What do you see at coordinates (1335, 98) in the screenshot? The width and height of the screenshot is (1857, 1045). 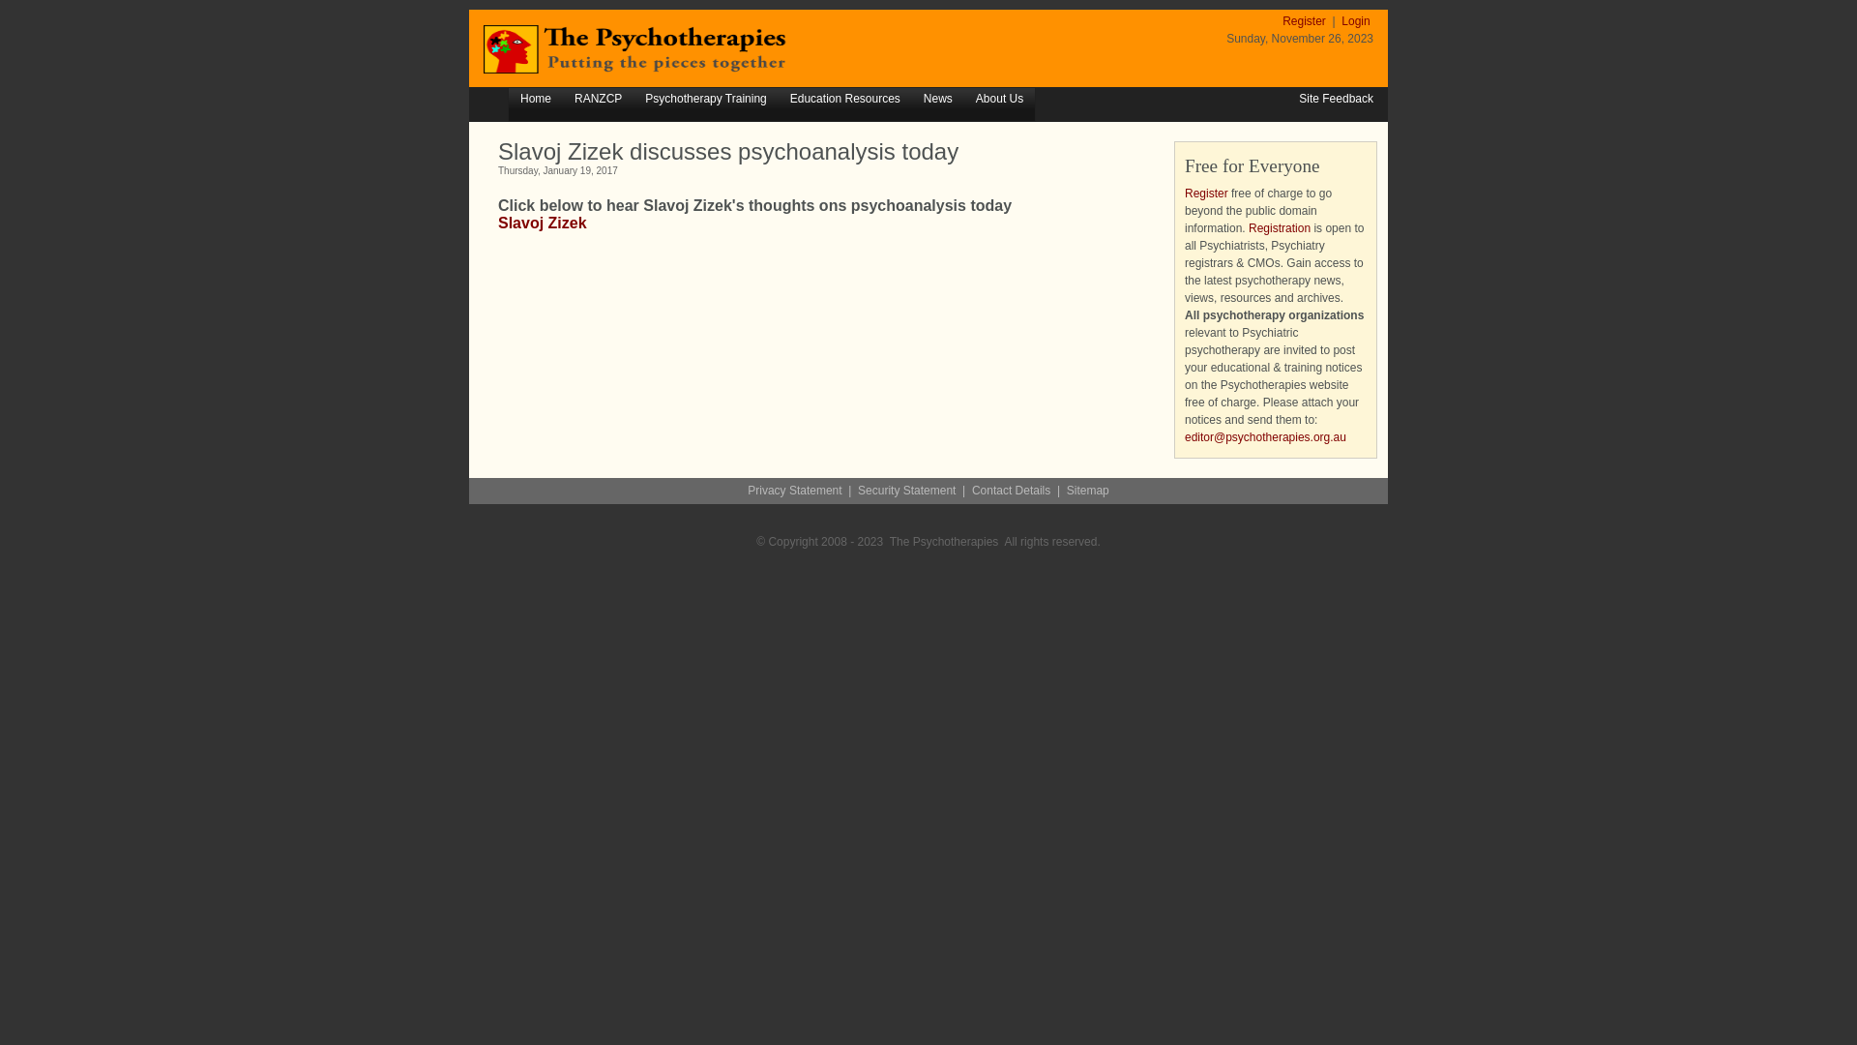 I see `'Site Feedback'` at bounding box center [1335, 98].